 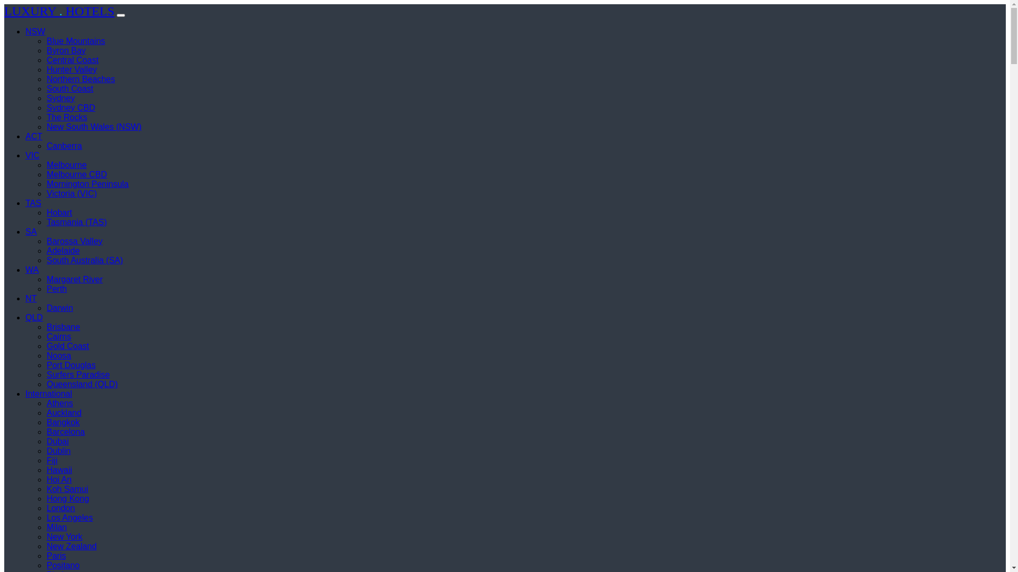 I want to click on 'Port Douglas', so click(x=46, y=364).